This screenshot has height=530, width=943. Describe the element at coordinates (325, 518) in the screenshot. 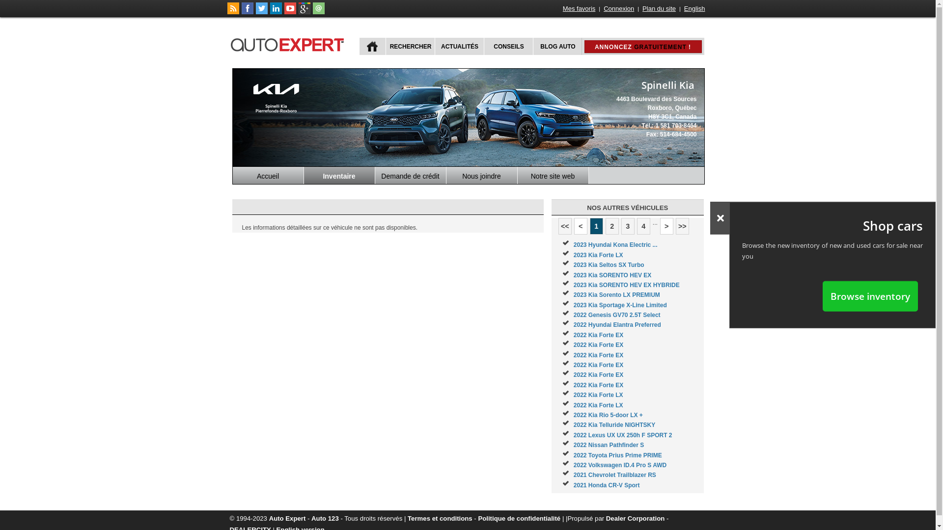

I see `'Auto 123'` at that location.